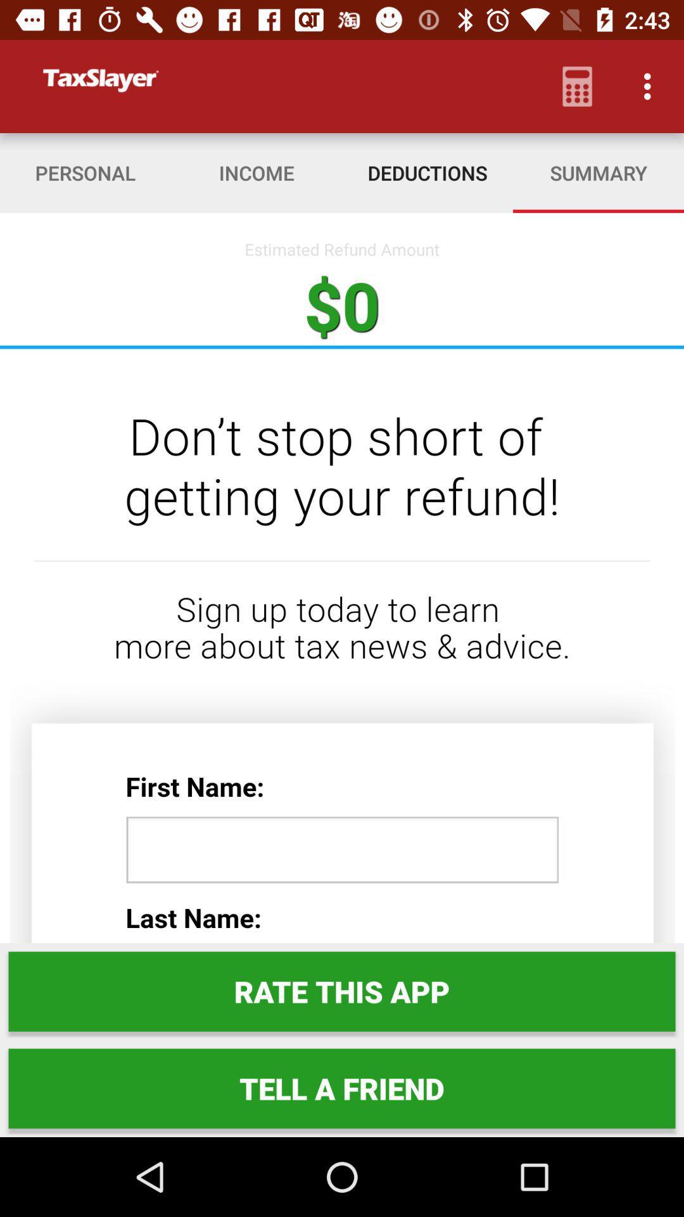 The height and width of the screenshot is (1217, 684). I want to click on the item below rate this app item, so click(342, 1088).